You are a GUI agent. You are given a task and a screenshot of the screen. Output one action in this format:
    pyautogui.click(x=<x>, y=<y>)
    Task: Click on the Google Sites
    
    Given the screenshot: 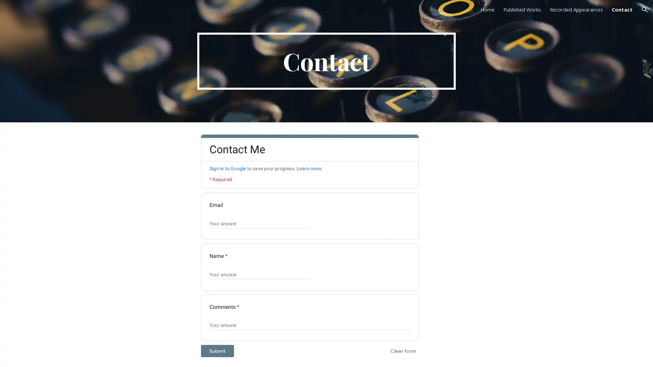 What is the action you would take?
    pyautogui.click(x=33, y=355)
    